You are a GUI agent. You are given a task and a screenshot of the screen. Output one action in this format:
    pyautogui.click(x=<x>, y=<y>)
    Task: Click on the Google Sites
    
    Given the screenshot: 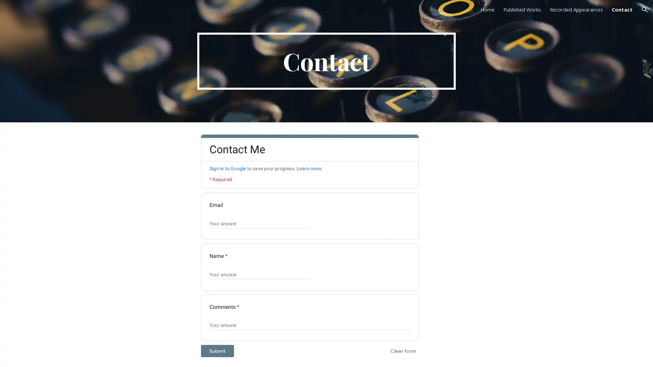 What is the action you would take?
    pyautogui.click(x=33, y=355)
    